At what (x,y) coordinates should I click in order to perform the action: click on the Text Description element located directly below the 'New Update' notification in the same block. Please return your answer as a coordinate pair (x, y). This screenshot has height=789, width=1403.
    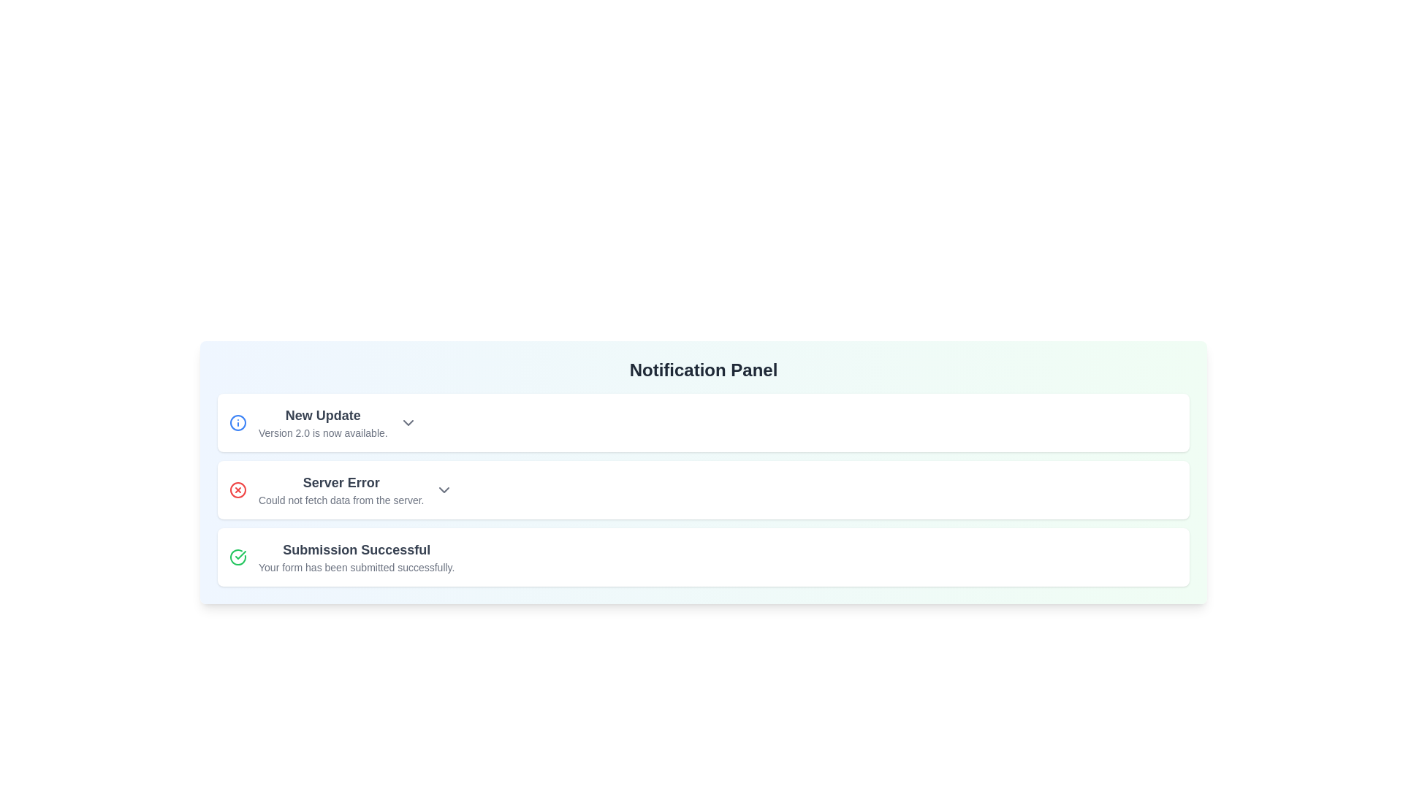
    Looking at the image, I should click on (322, 432).